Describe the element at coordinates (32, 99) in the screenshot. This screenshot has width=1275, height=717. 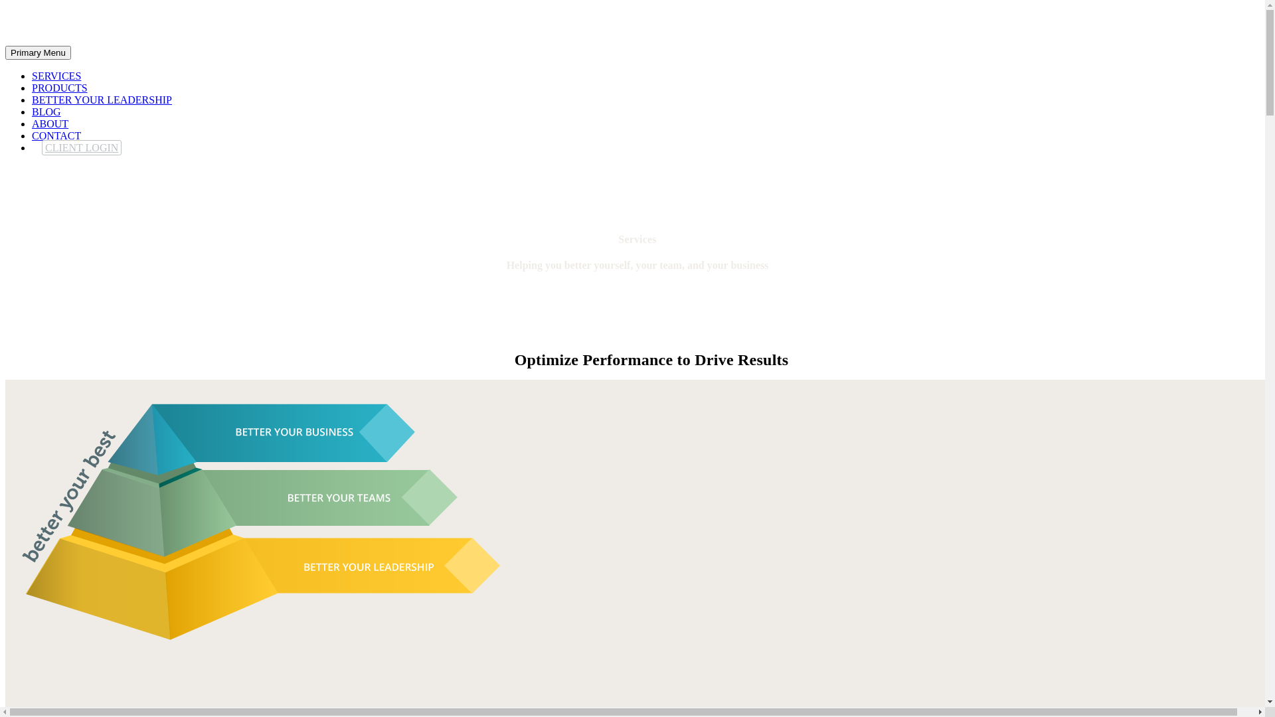
I see `'BETTER YOUR LEADERSHIP'` at that location.